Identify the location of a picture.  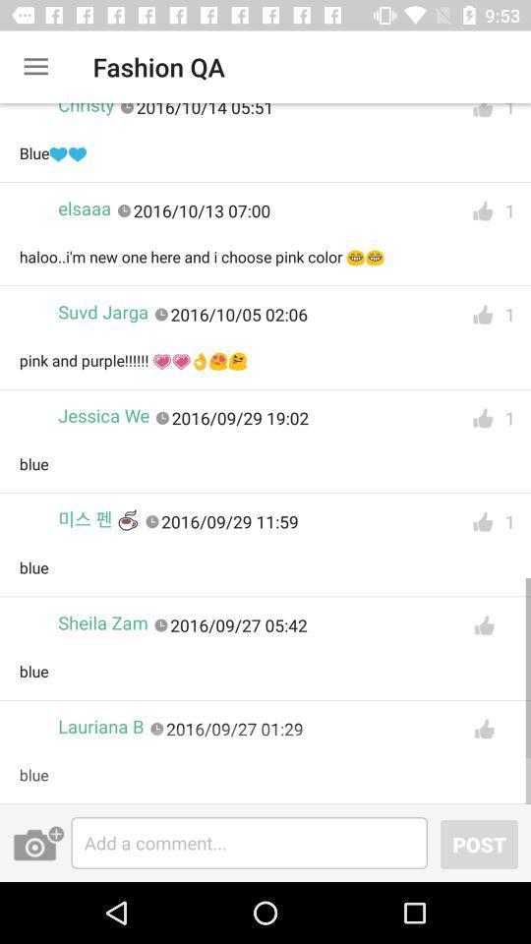
(38, 842).